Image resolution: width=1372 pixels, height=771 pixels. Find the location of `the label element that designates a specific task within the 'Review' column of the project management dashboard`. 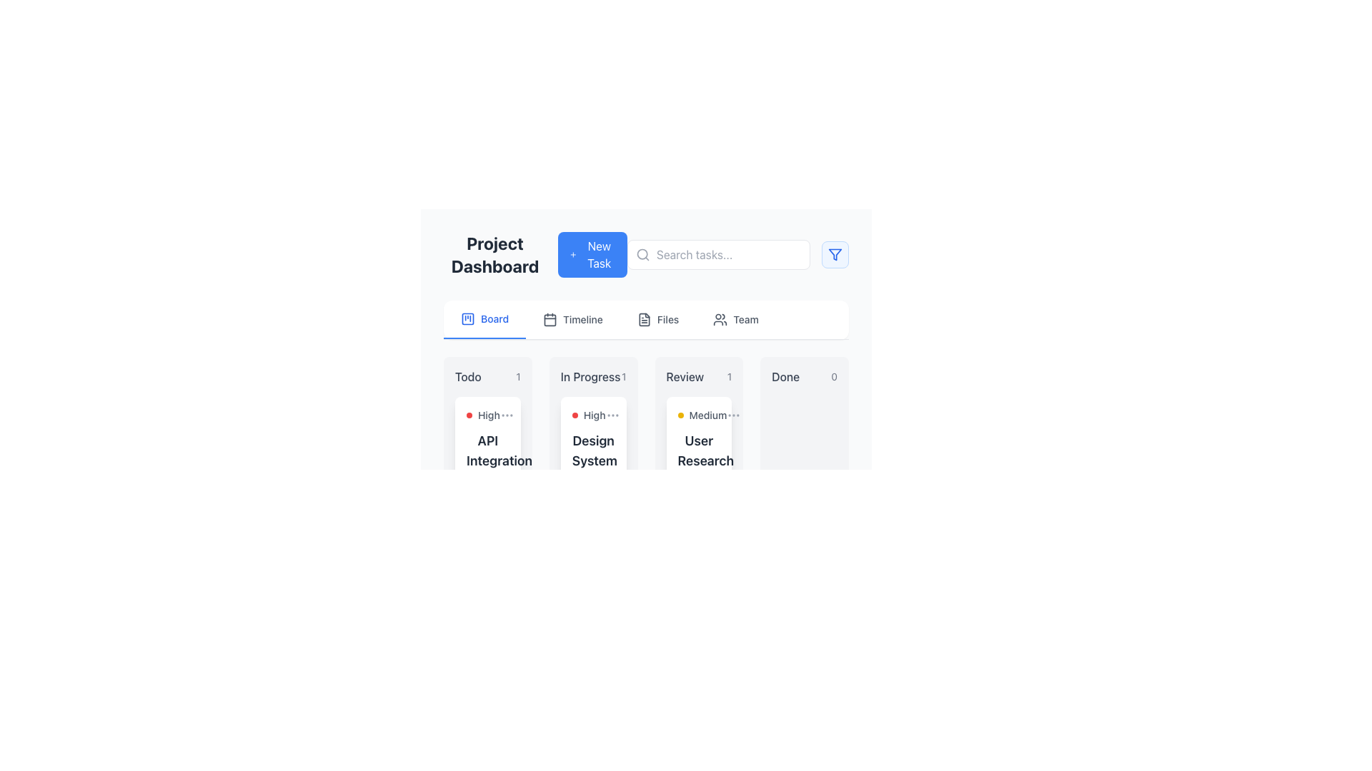

the label element that designates a specific task within the 'Review' column of the project management dashboard is located at coordinates (699, 460).